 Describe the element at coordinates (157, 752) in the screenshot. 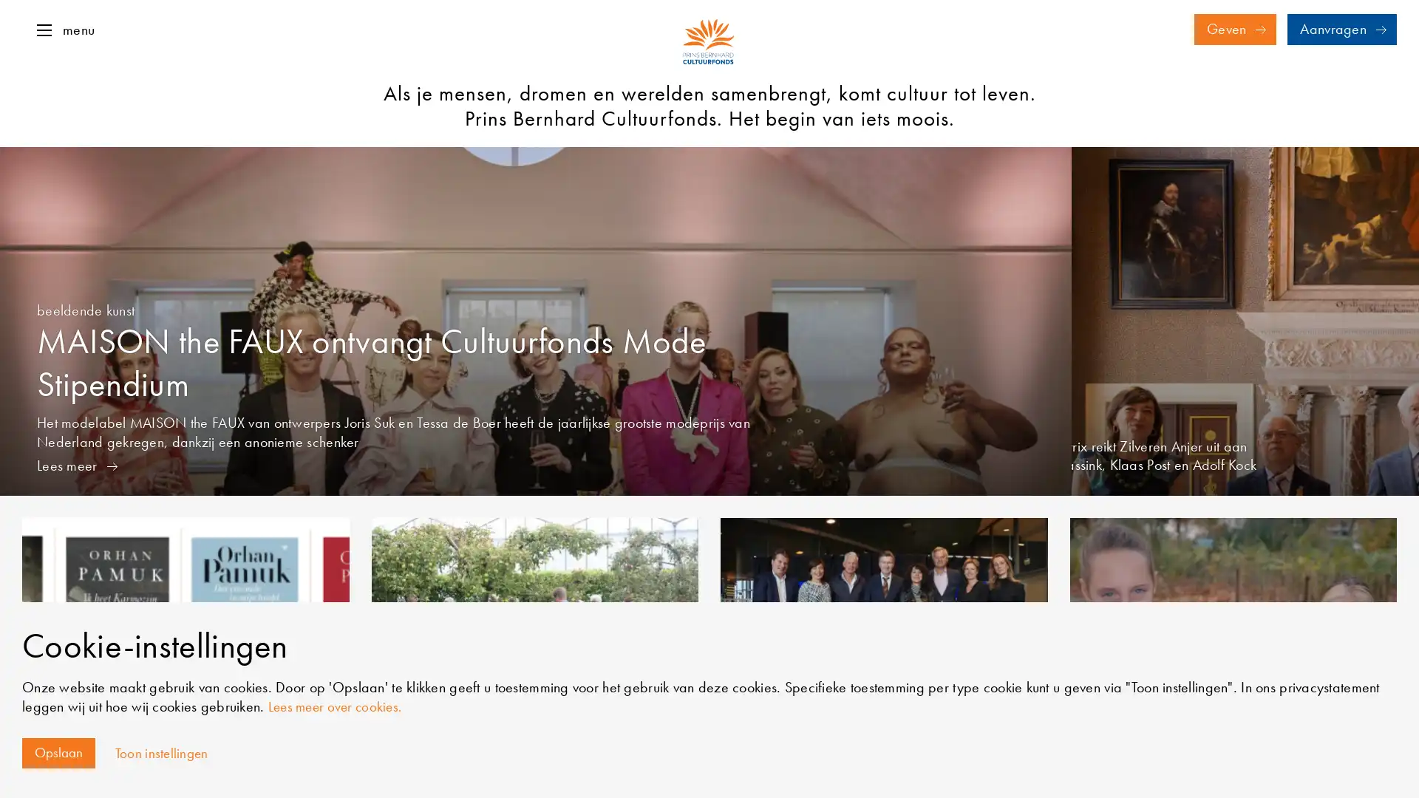

I see `Toon instellingen` at that location.